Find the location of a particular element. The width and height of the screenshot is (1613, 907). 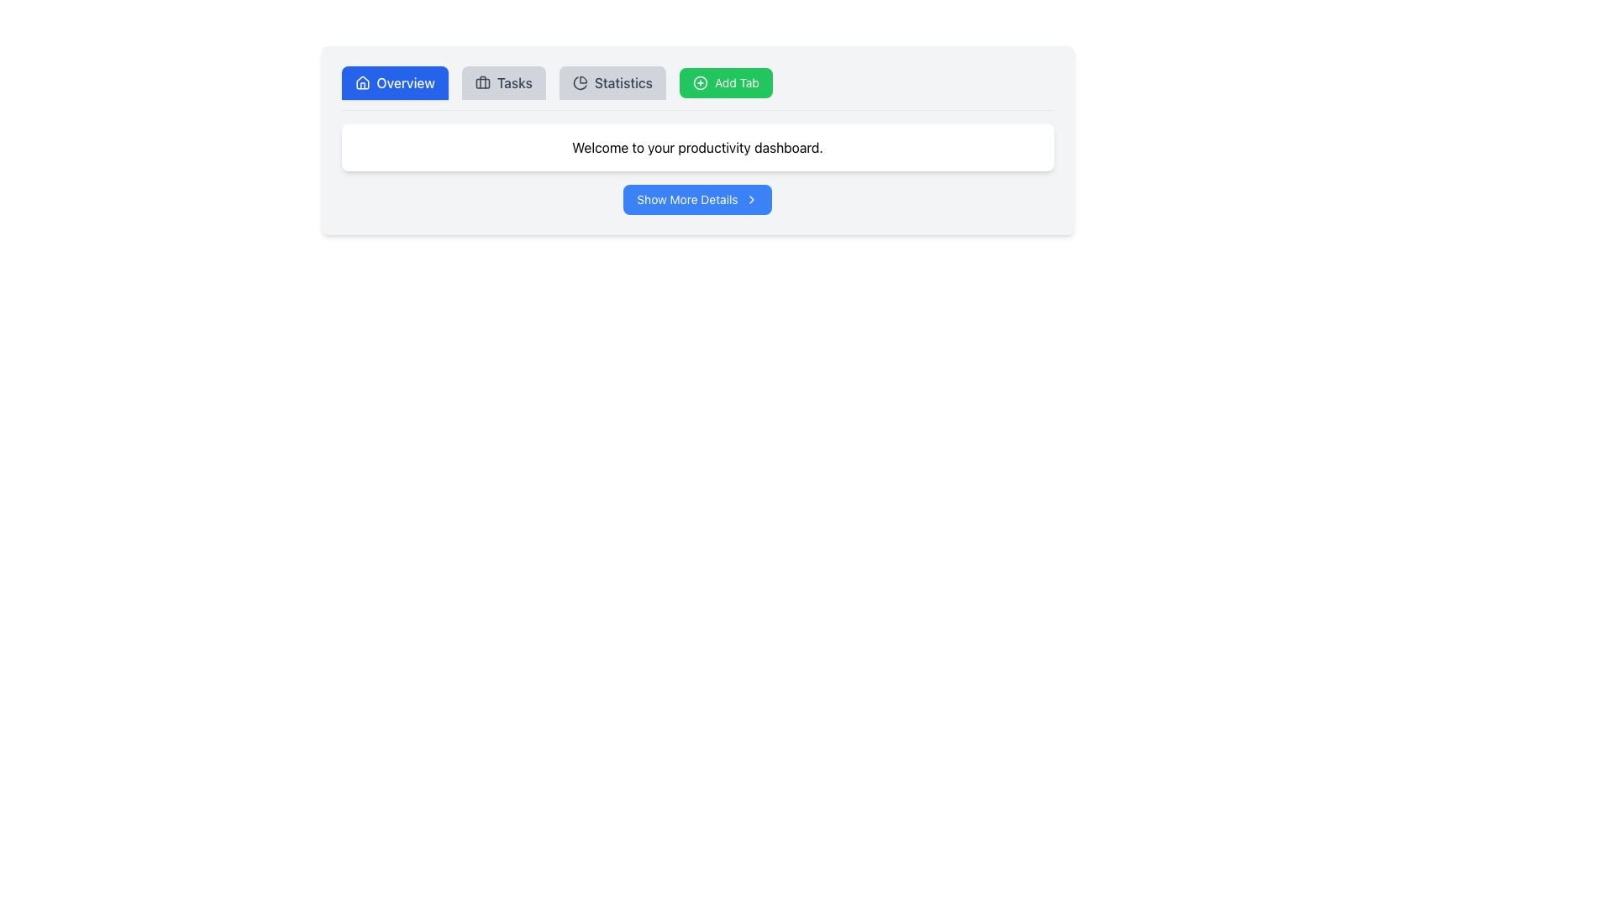

the button located at the bottom of the panel that reveals additional details when activated is located at coordinates (697, 199).